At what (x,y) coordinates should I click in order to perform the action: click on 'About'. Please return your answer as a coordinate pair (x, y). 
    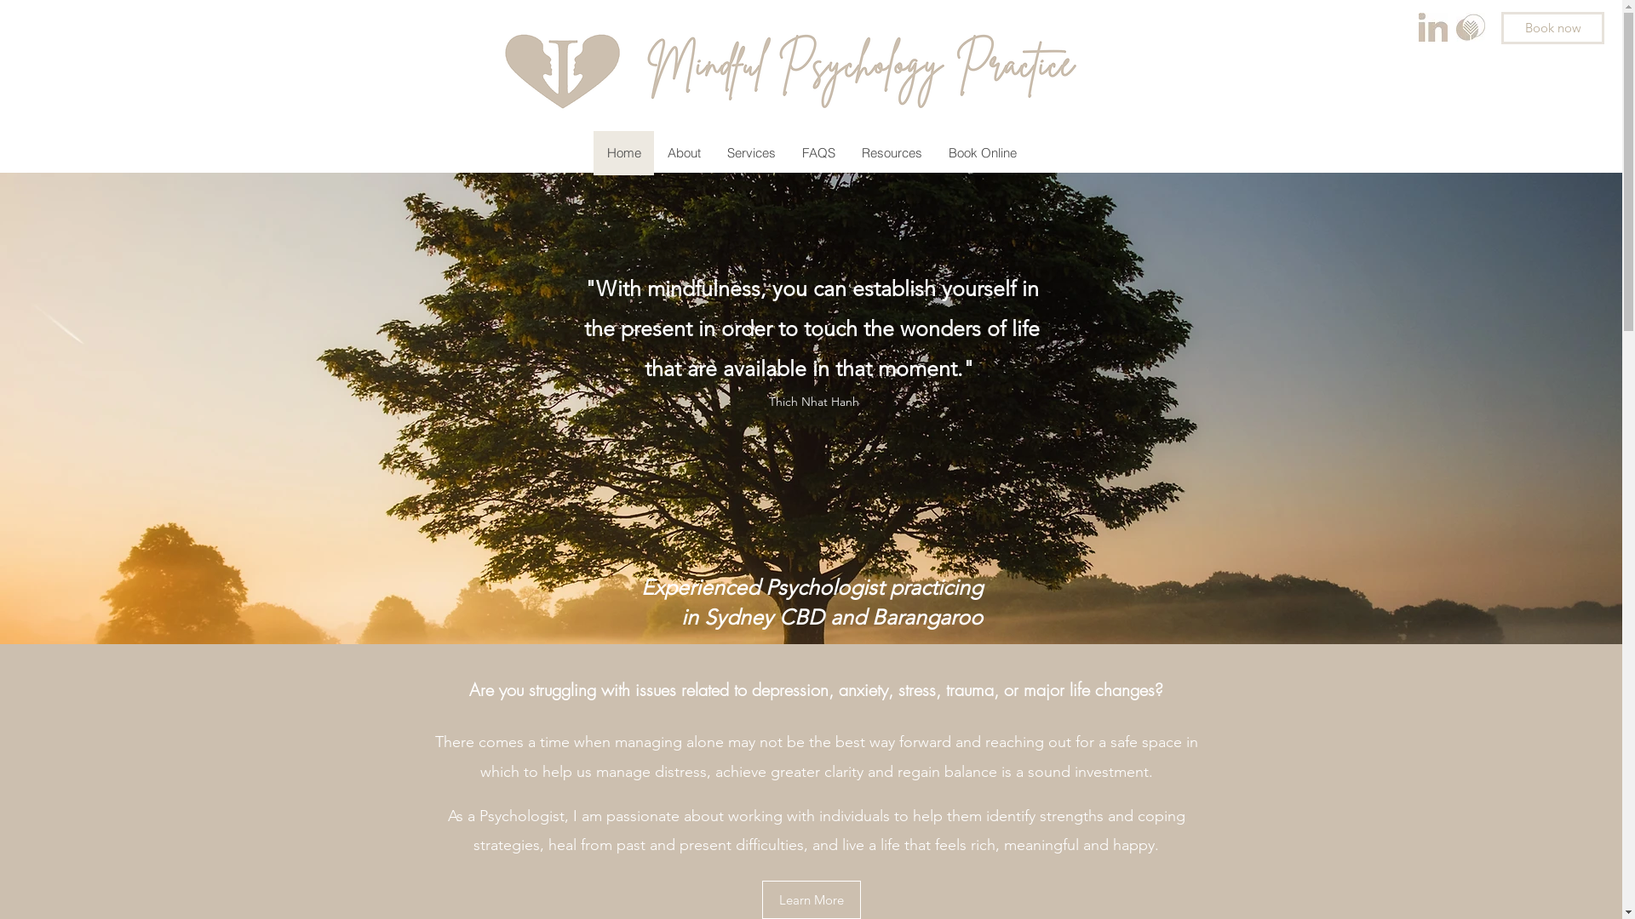
    Looking at the image, I should click on (683, 153).